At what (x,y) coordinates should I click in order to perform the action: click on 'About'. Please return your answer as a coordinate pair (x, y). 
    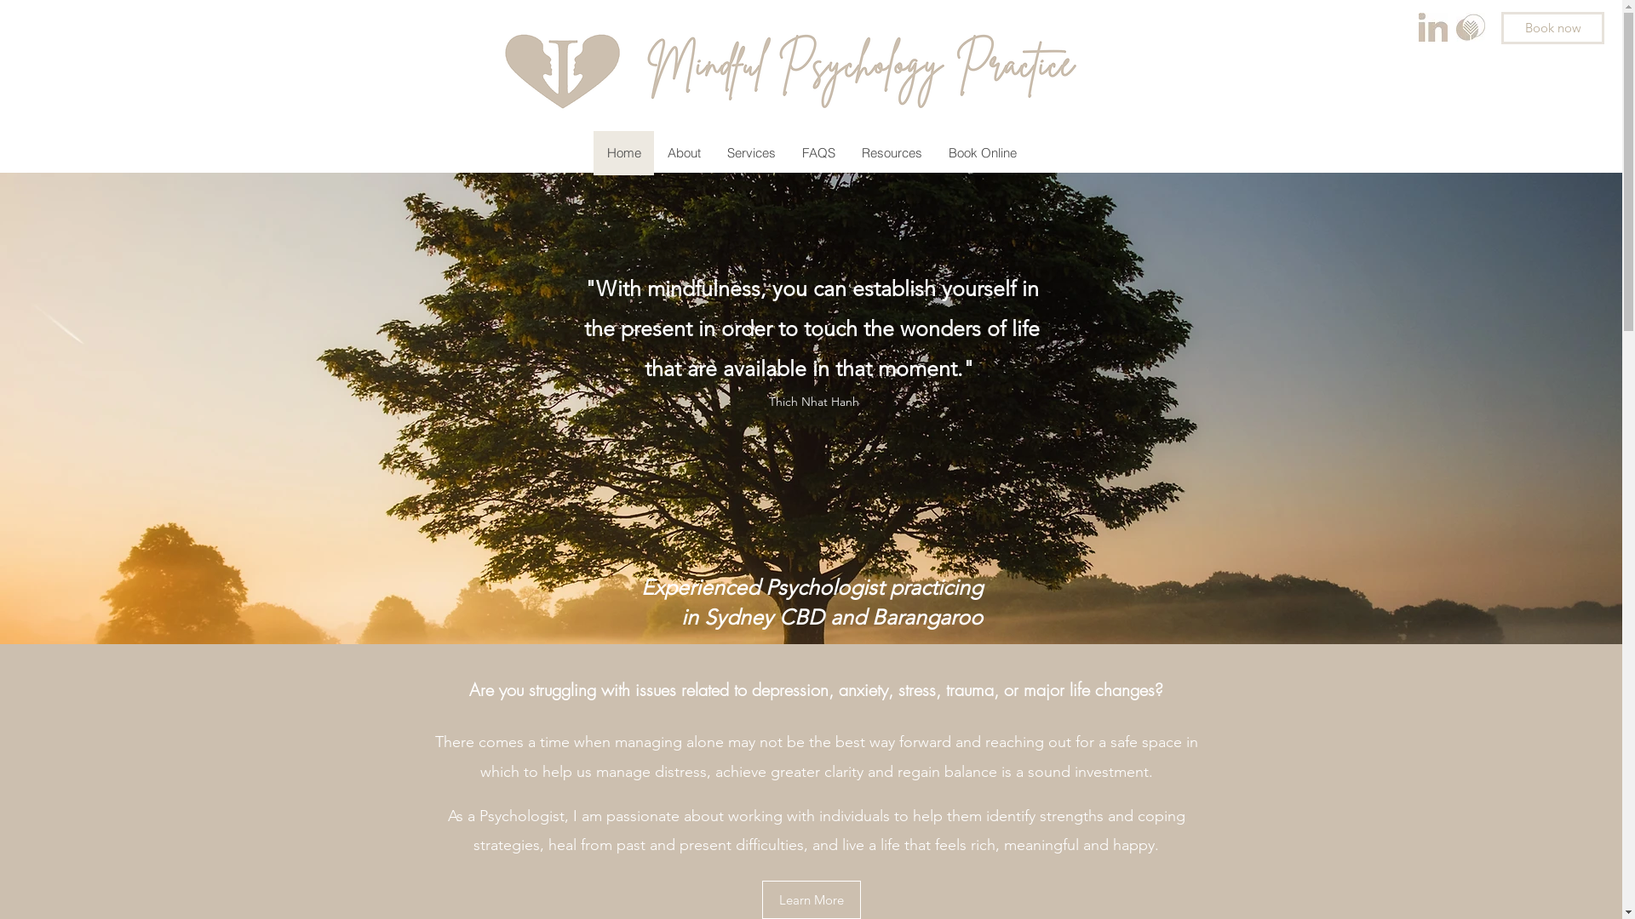
    Looking at the image, I should click on (683, 153).